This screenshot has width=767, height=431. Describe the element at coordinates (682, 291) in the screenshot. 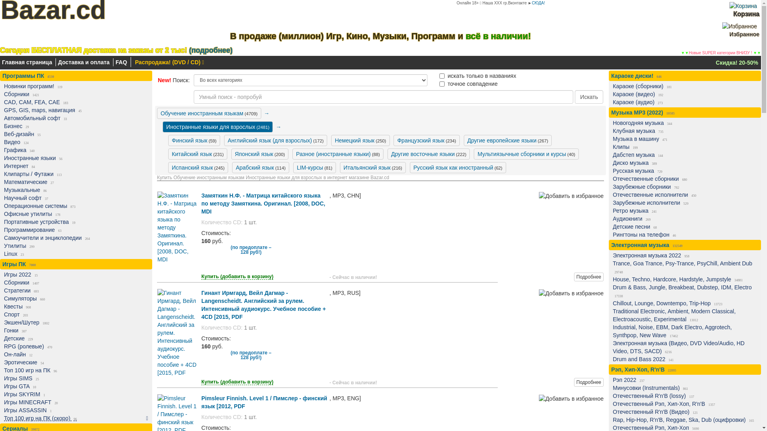

I see `'Drum & Bass, Jungle, Breakbeat, Dubstep, IDM, Electro 17338'` at that location.